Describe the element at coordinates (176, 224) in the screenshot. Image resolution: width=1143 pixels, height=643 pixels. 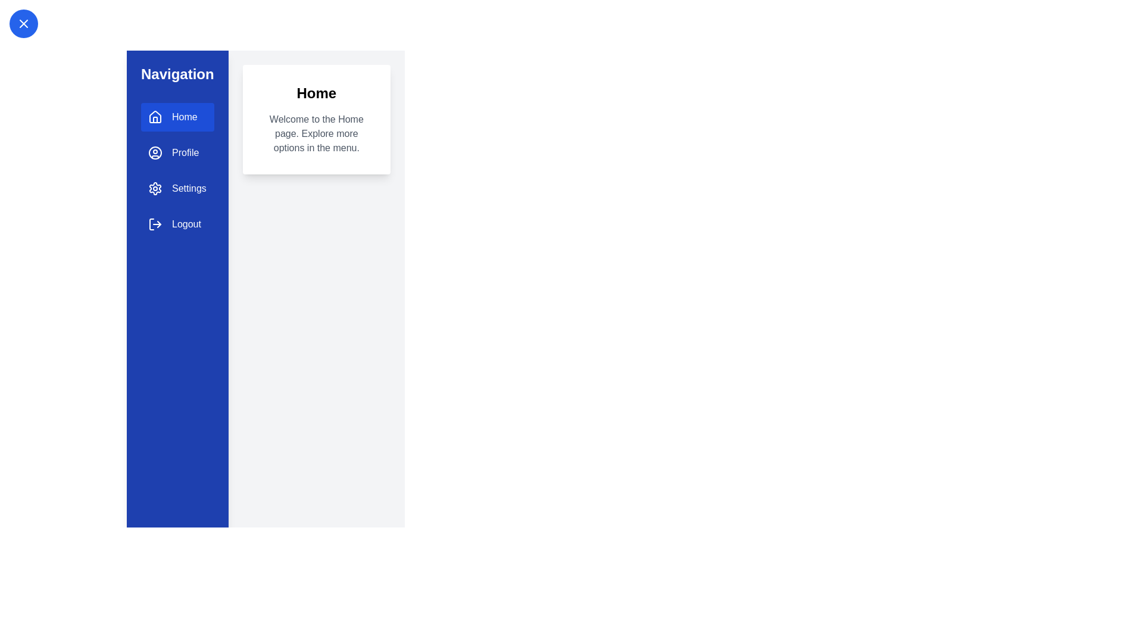
I see `the Logout navigation option from the drawer` at that location.